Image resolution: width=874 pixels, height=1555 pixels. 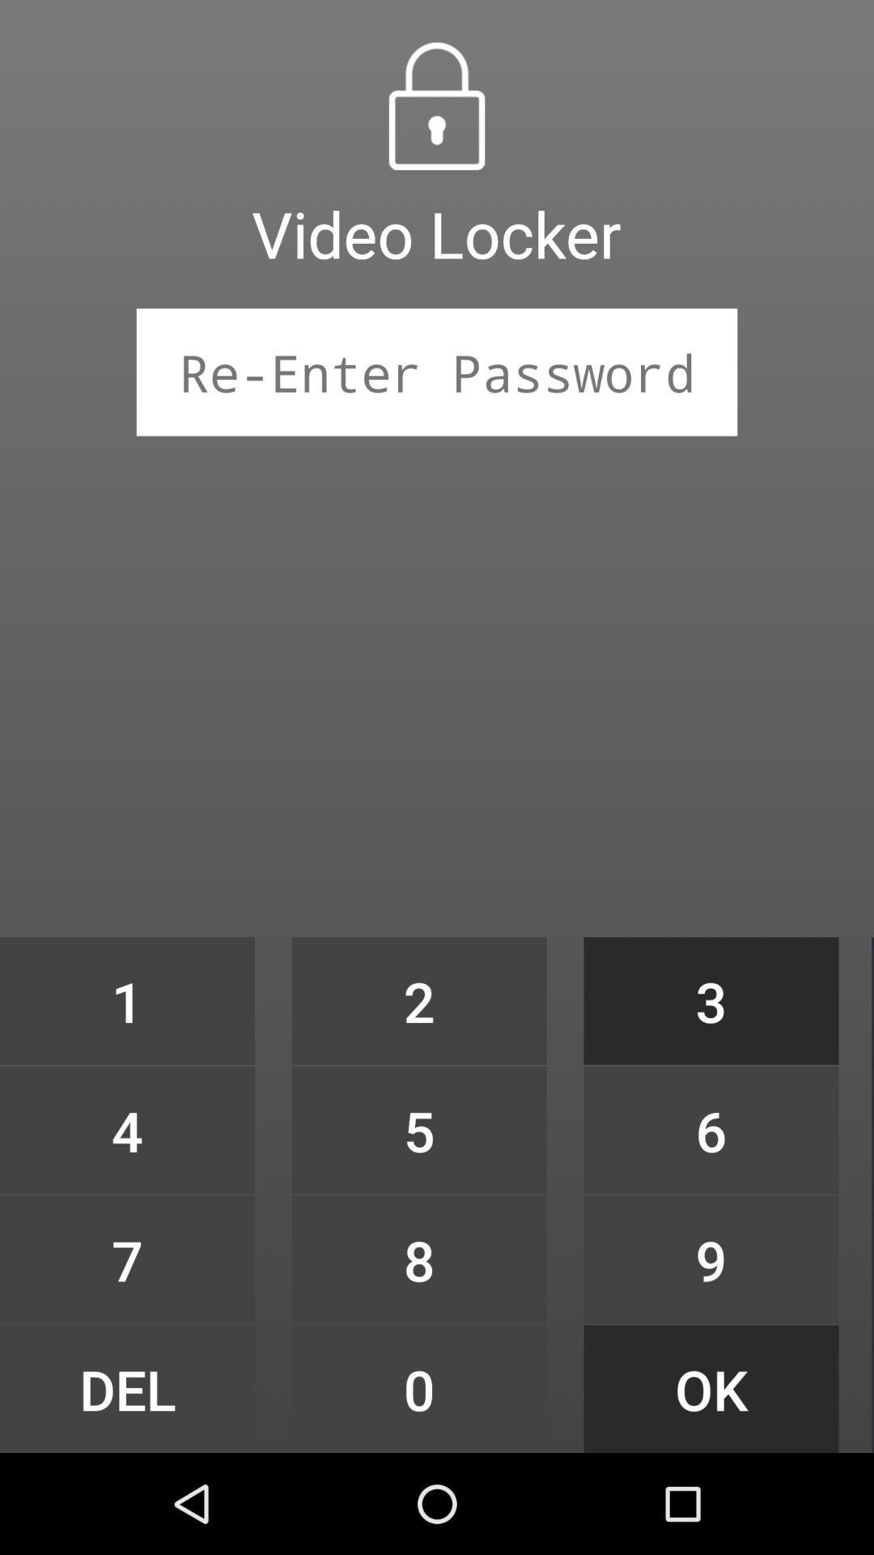 I want to click on item above 0 icon, so click(x=418, y=1259).